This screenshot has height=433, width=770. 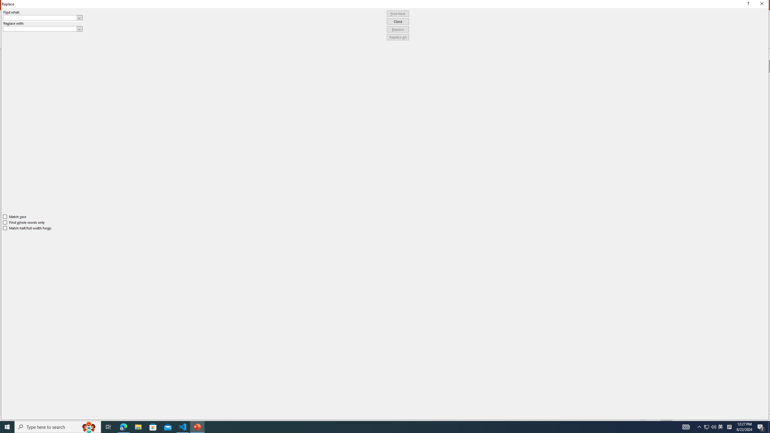 I want to click on 'Find Next', so click(x=398, y=14).